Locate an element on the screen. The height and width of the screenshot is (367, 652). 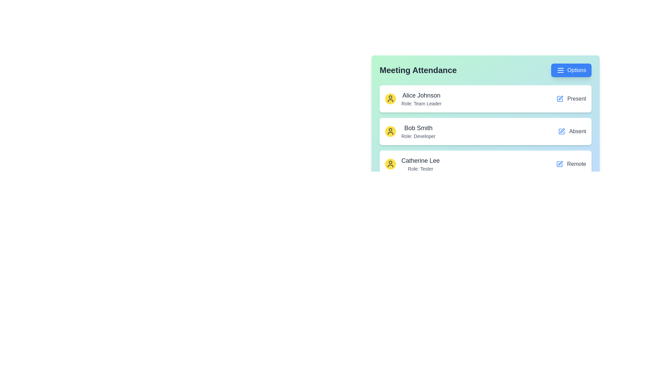
the third list item representing a user profile is located at coordinates (485, 164).